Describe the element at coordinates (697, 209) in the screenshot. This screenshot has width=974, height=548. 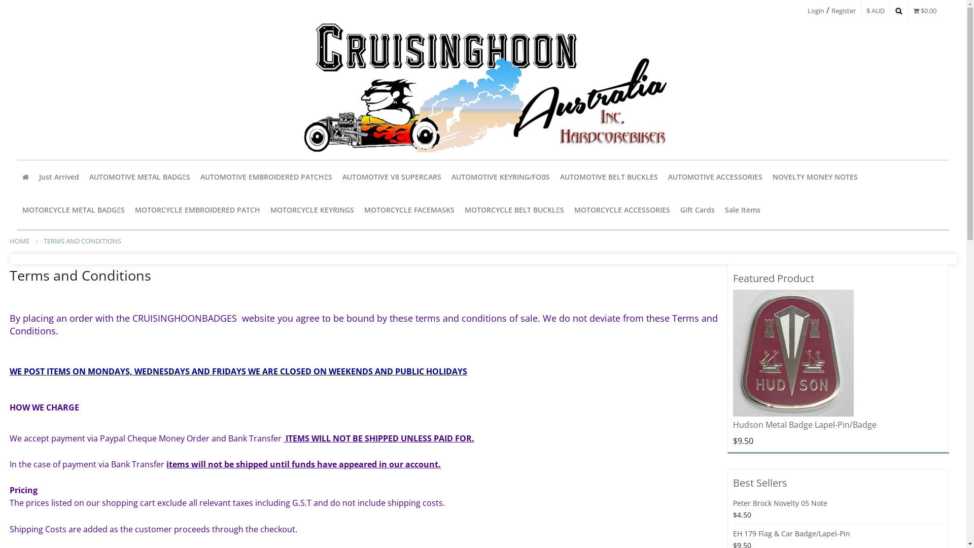
I see `'Gift Cards'` at that location.